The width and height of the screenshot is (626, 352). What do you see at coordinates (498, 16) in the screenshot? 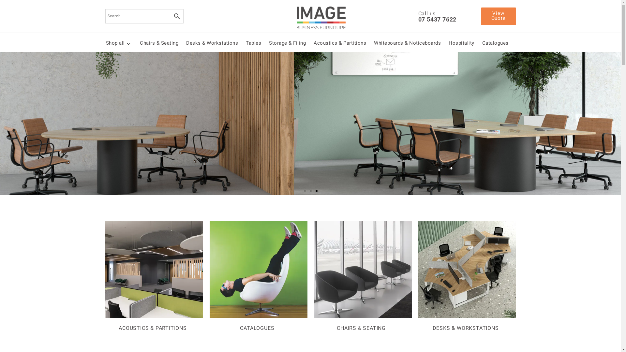
I see `'View Quote'` at bounding box center [498, 16].